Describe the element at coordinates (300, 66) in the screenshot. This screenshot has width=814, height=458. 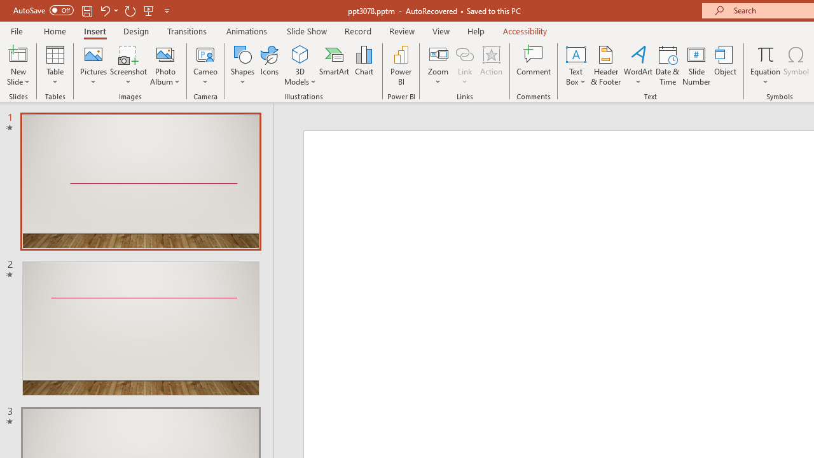
I see `'3D Models'` at that location.